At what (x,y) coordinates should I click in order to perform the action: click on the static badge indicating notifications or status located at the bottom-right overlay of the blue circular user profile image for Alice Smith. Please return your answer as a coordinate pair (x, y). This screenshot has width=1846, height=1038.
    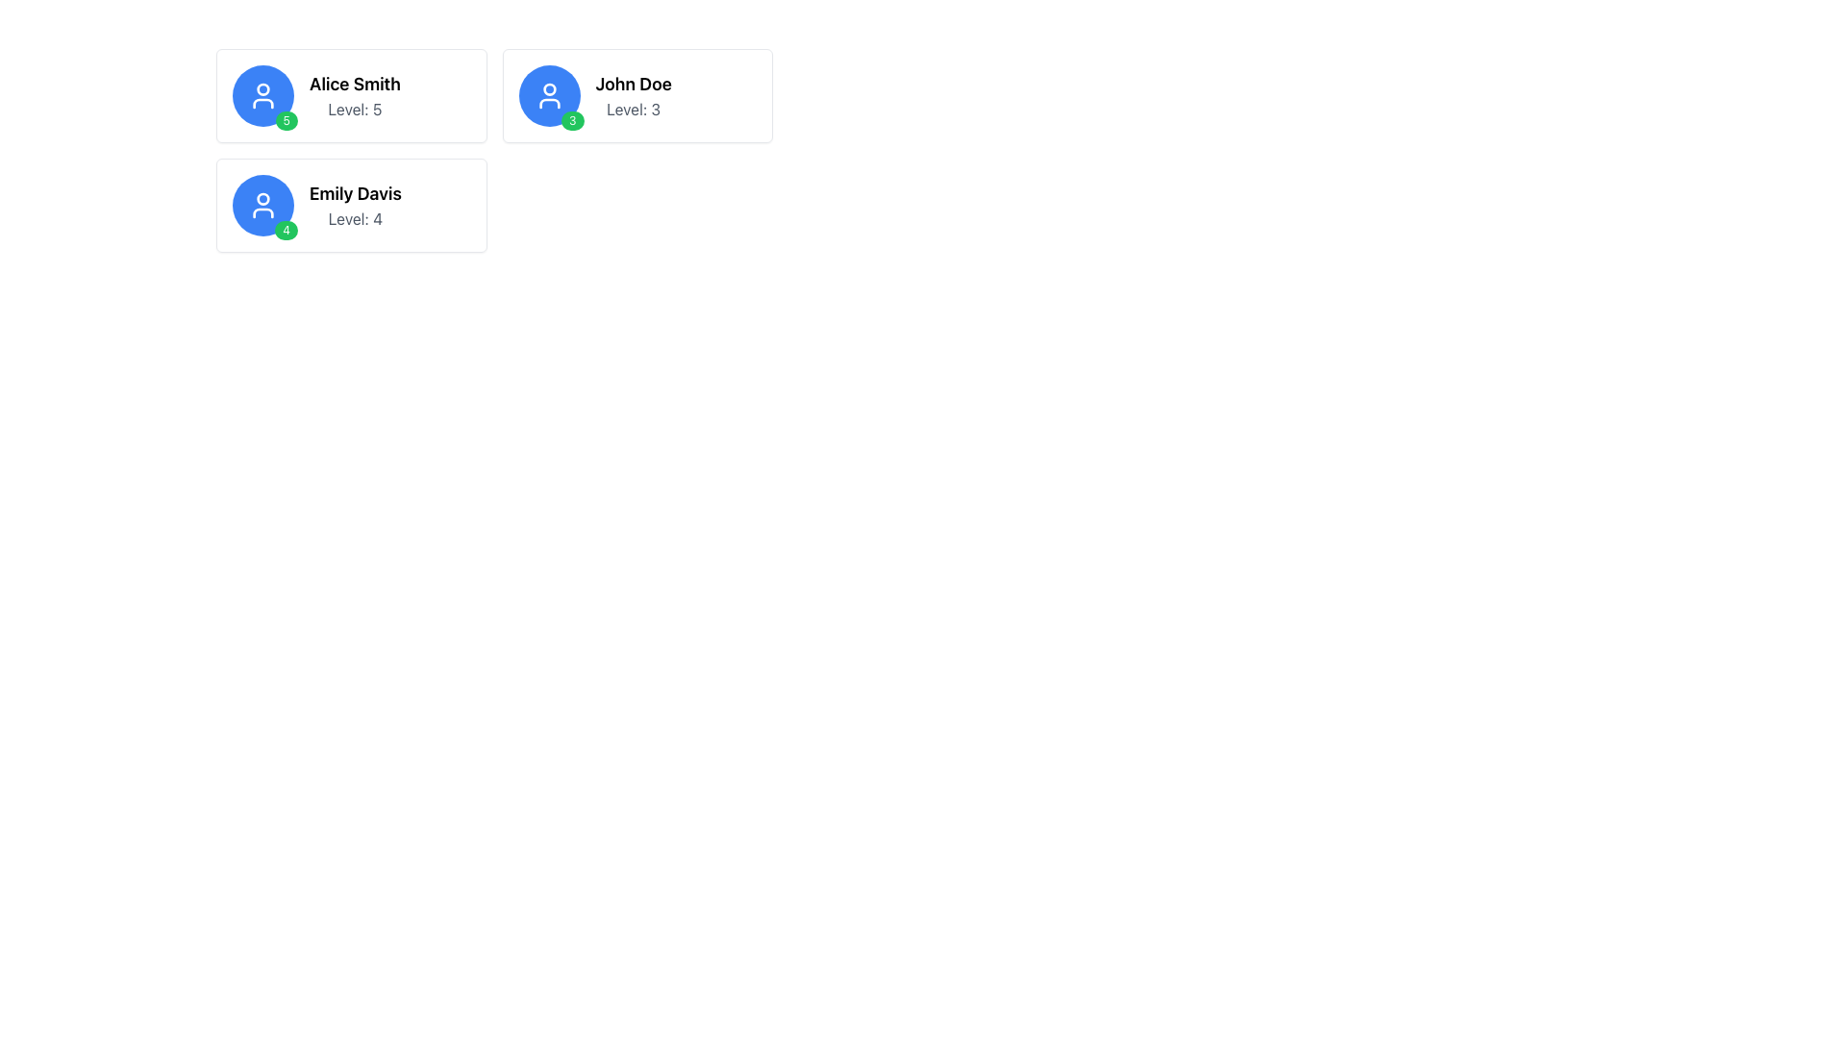
    Looking at the image, I should click on (286, 121).